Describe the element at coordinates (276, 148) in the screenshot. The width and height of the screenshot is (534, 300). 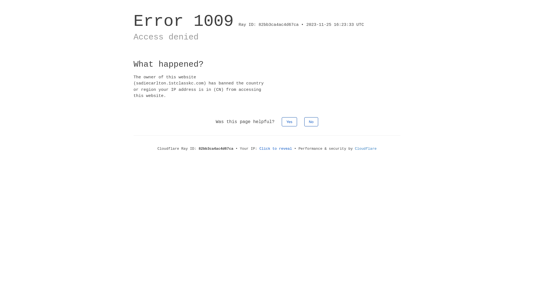
I see `'Click to reveal'` at that location.